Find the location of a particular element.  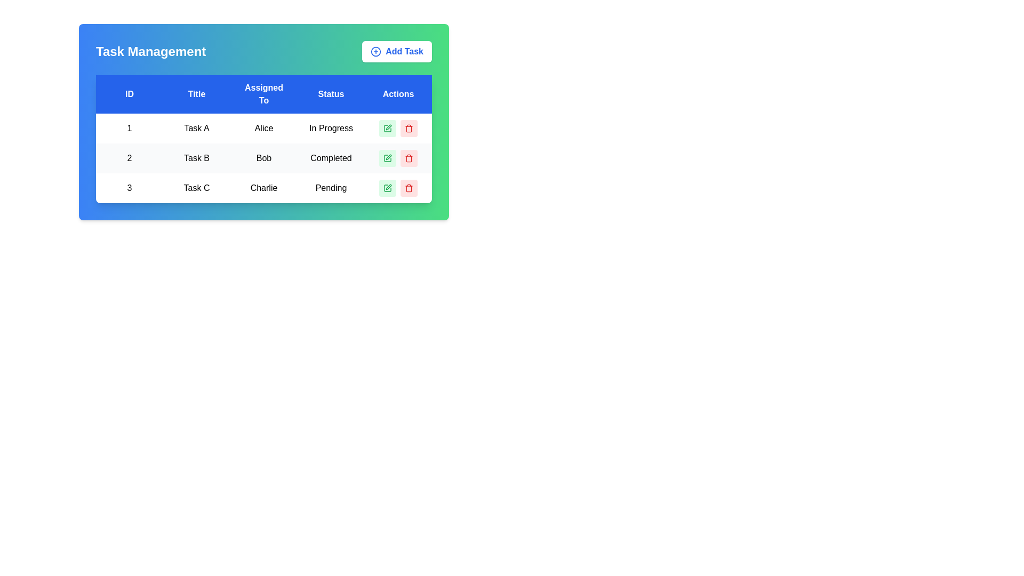

the static text element that identifies the task ID in the first column of the first row of the table is located at coordinates (129, 127).